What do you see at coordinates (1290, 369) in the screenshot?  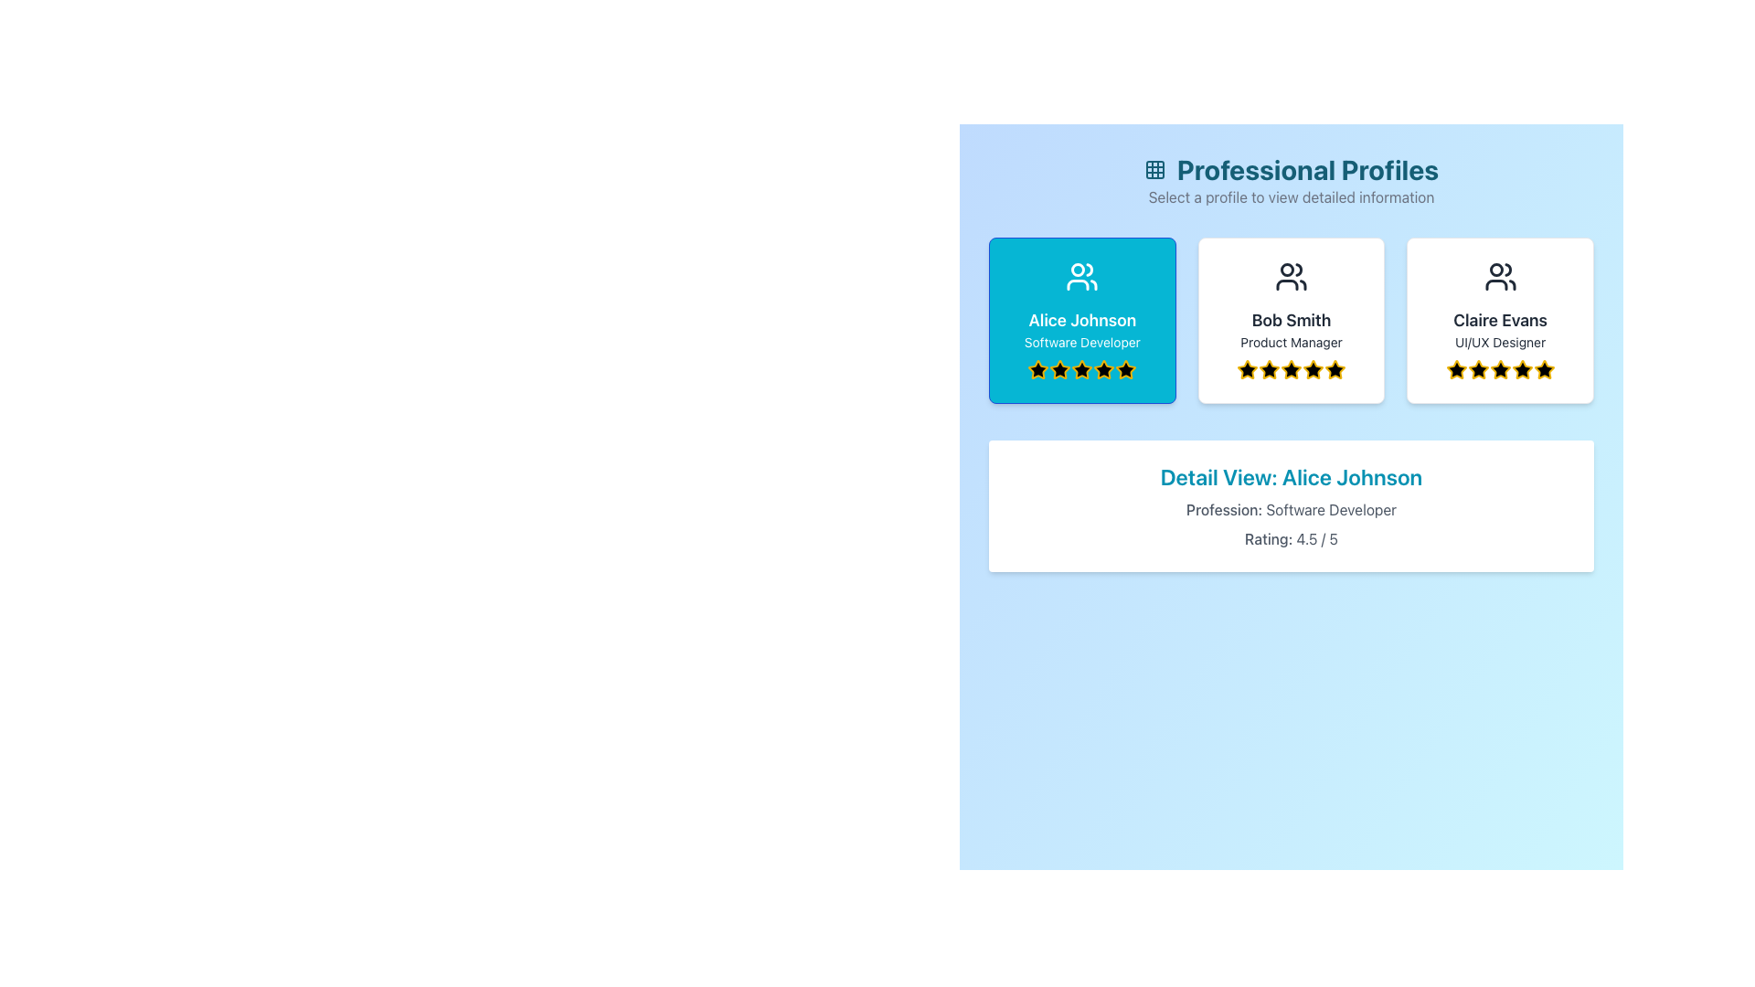 I see `the fourth star icon in the rating system for Bob Smith, Product Manager, which is filled with black and outlined in yellow` at bounding box center [1290, 369].